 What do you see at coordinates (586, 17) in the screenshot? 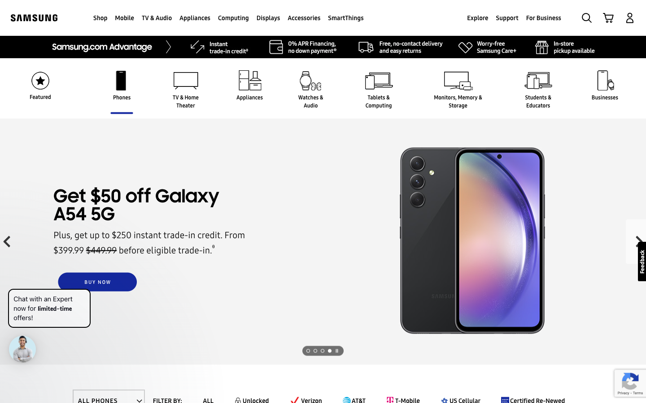
I see `Look for Samsung Galaxy S23 Ultra using the search function` at bounding box center [586, 17].